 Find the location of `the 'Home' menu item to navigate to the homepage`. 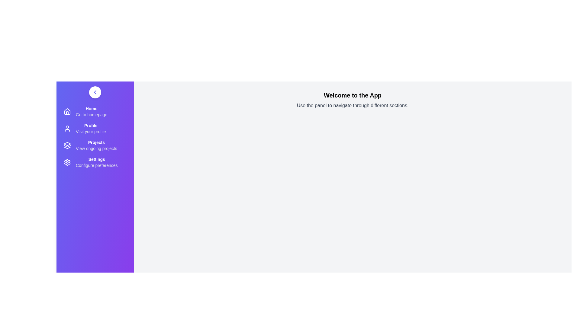

the 'Home' menu item to navigate to the homepage is located at coordinates (95, 112).